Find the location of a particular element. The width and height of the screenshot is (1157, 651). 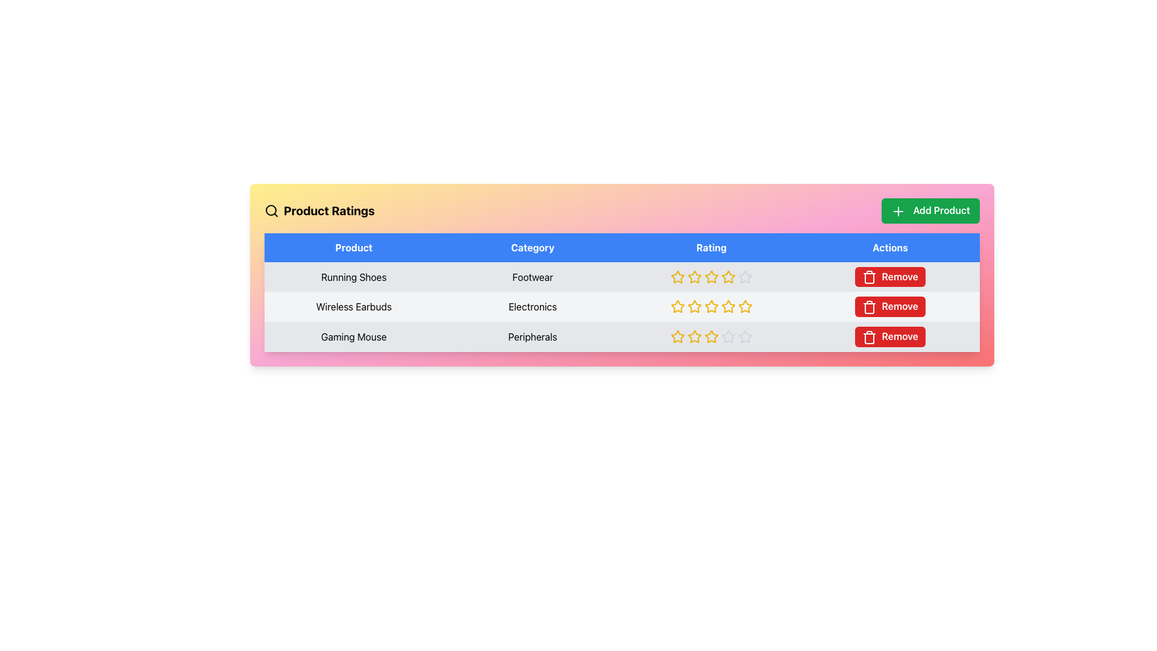

the 'Remove' button for the 'Gaming Mouse' located in the 'Actions' column of the table to trigger the hover effect is located at coordinates (890, 337).